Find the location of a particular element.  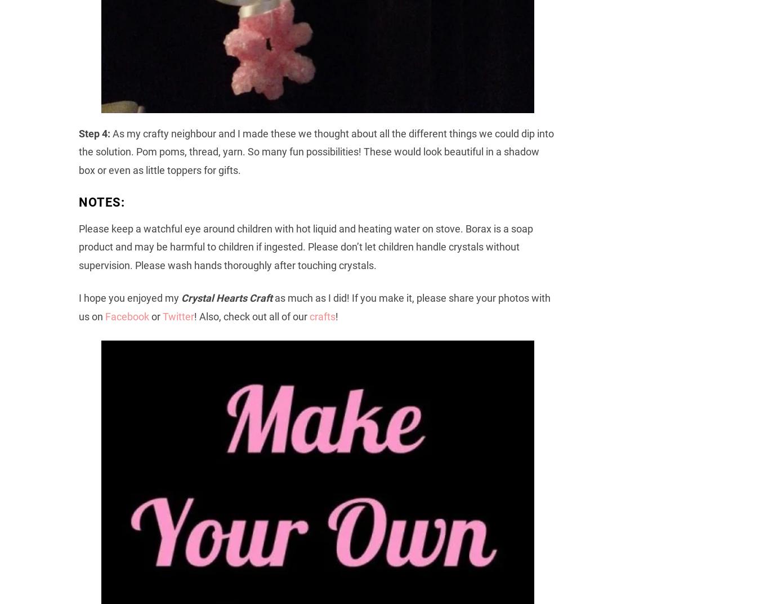

'I hope you enjoyed my' is located at coordinates (128, 297).